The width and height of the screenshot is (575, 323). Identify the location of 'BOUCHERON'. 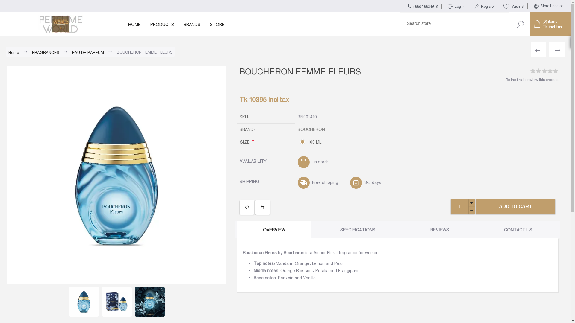
(297, 129).